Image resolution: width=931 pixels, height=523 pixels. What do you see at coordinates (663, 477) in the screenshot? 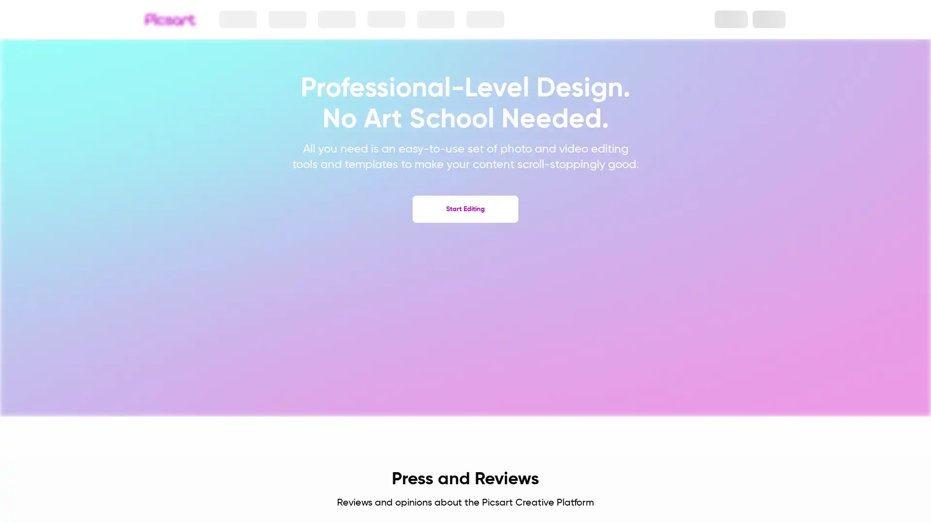
I see `Manage Cookies` at bounding box center [663, 477].